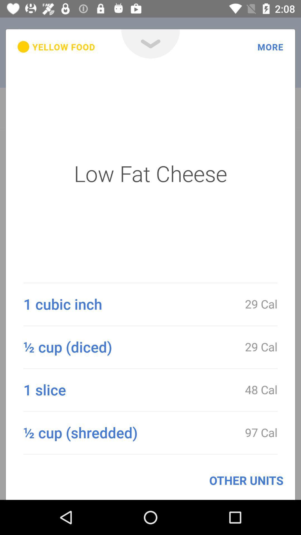 This screenshot has width=301, height=535. What do you see at coordinates (151, 43) in the screenshot?
I see `open menu` at bounding box center [151, 43].